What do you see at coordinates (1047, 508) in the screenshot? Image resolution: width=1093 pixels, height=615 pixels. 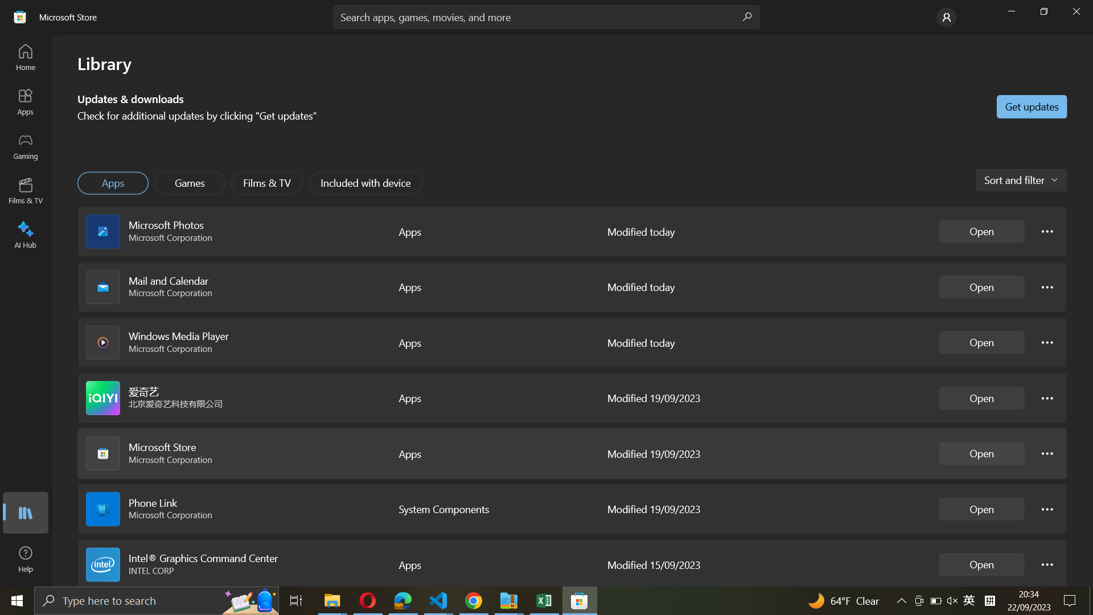 I see `phone linking settings` at bounding box center [1047, 508].